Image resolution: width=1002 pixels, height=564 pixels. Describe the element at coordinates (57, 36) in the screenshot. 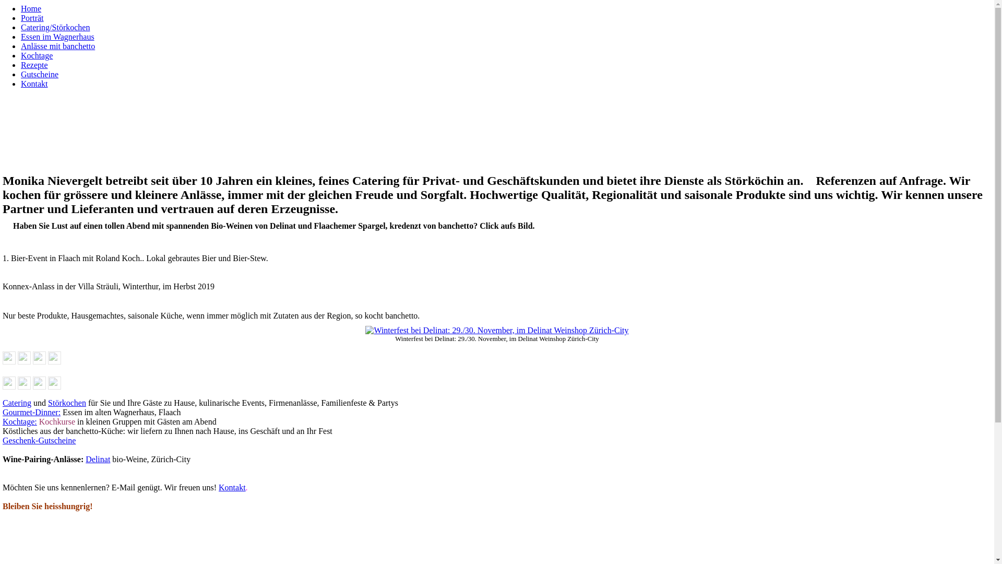

I see `'Essen im Wagnerhaus'` at that location.